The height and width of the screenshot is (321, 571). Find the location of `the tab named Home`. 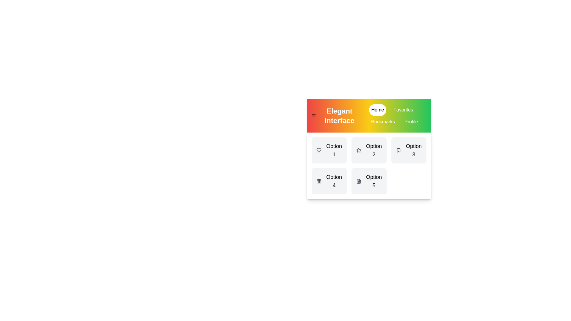

the tab named Home is located at coordinates (377, 110).